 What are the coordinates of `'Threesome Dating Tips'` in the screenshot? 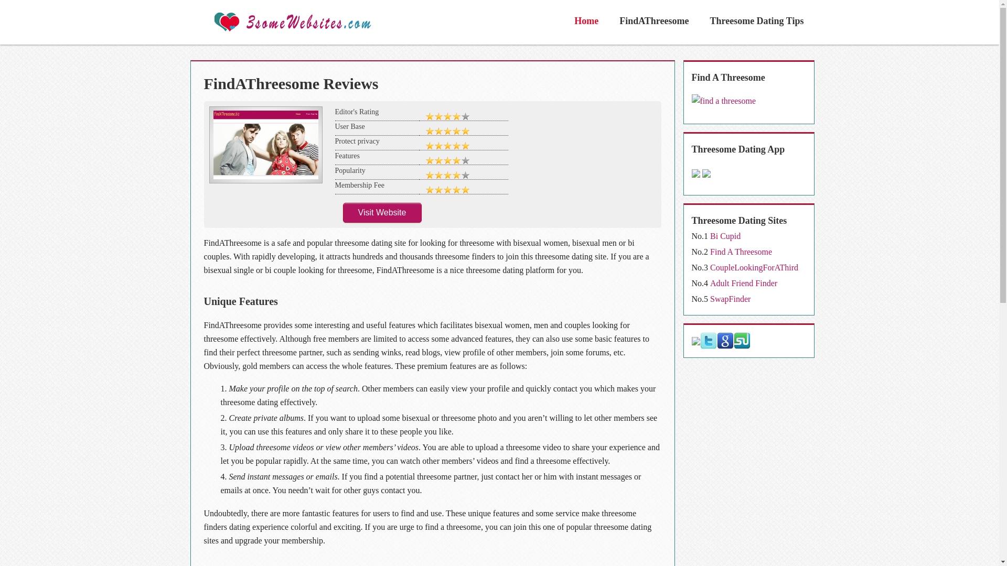 It's located at (702, 20).